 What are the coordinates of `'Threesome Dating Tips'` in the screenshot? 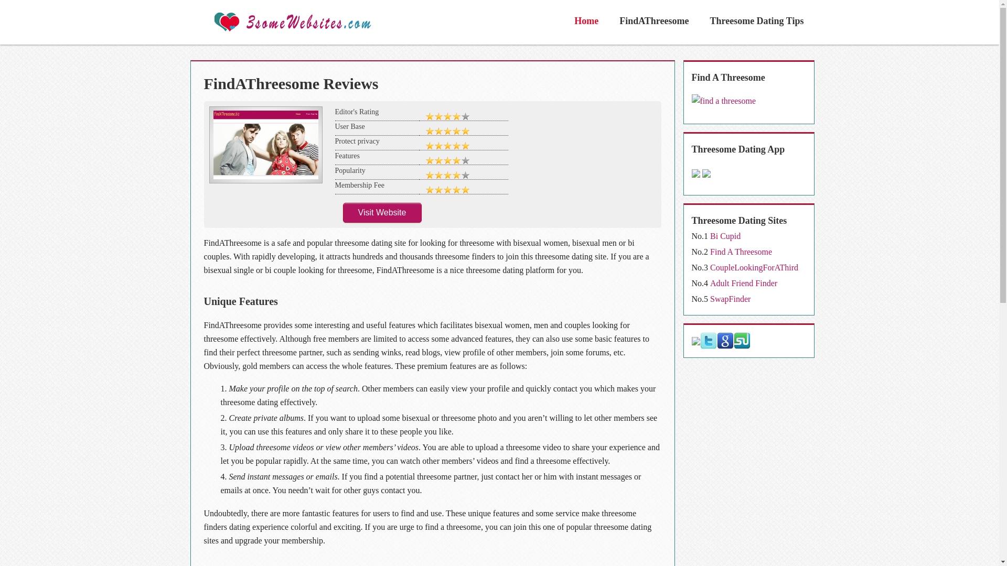 It's located at (702, 20).